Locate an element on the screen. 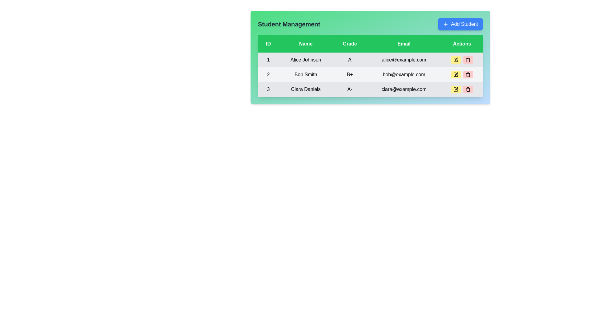  the second row in the Student Management table, which represents a student's data is located at coordinates (370, 74).